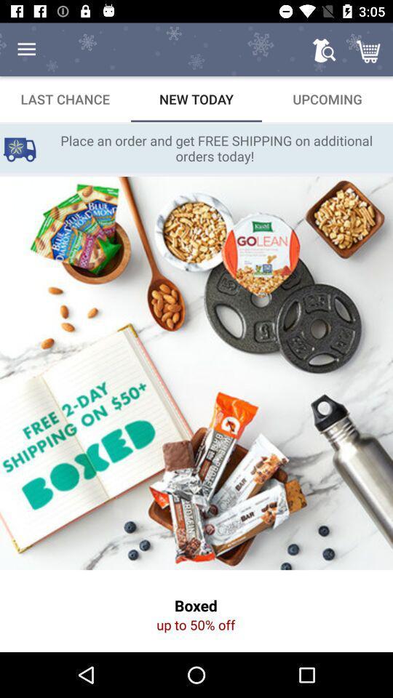 The height and width of the screenshot is (698, 393). I want to click on search icon, so click(324, 49).